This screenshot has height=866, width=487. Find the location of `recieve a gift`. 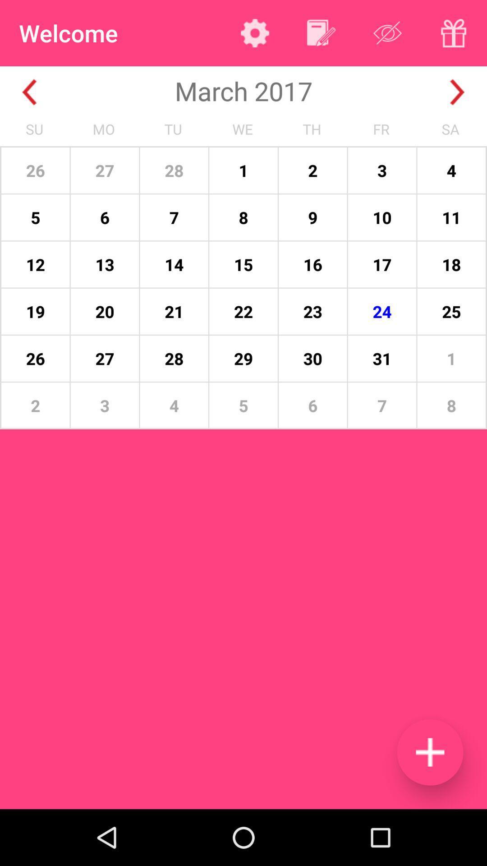

recieve a gift is located at coordinates (454, 33).